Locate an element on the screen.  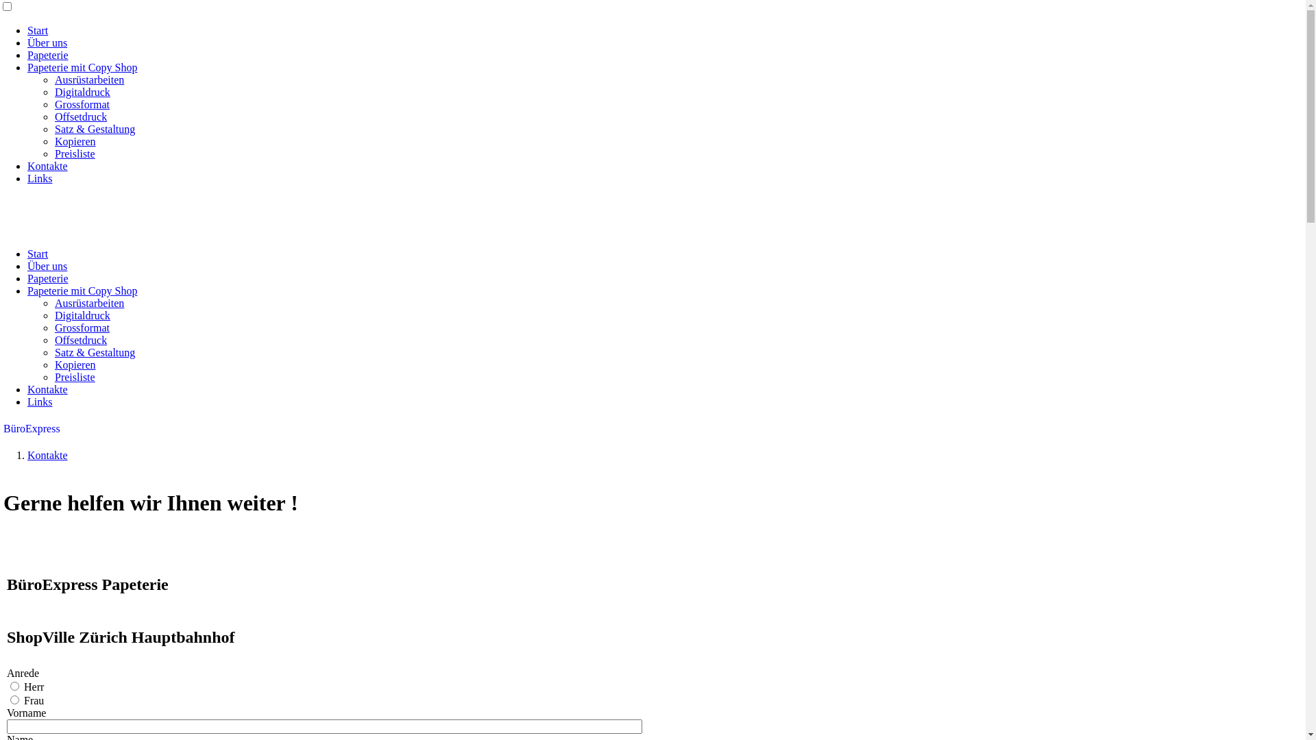
'Papeterie' is located at coordinates (48, 54).